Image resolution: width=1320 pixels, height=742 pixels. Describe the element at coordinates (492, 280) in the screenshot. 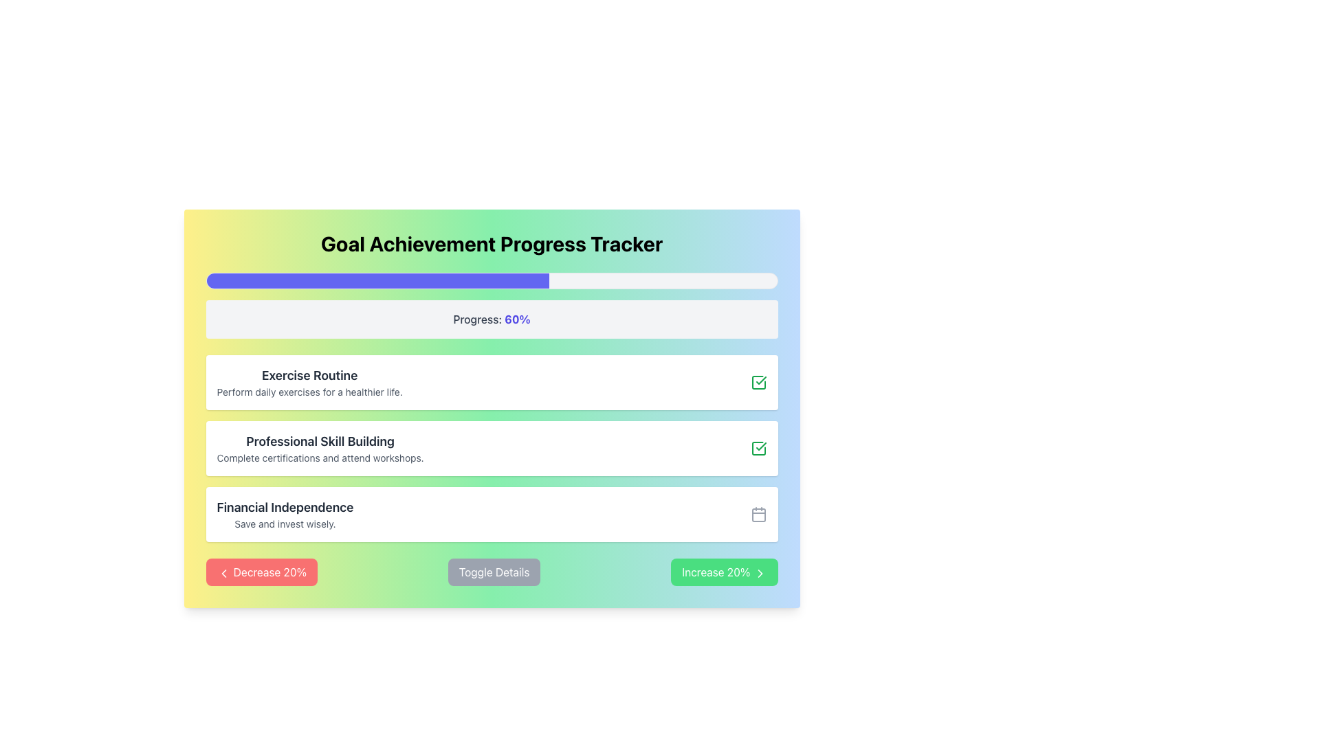

I see `the progress bar that visually represents 60% completion, positioned below the title 'Goal Achievement Progress Tracker' and above the text 'Progress: 60%'` at that location.